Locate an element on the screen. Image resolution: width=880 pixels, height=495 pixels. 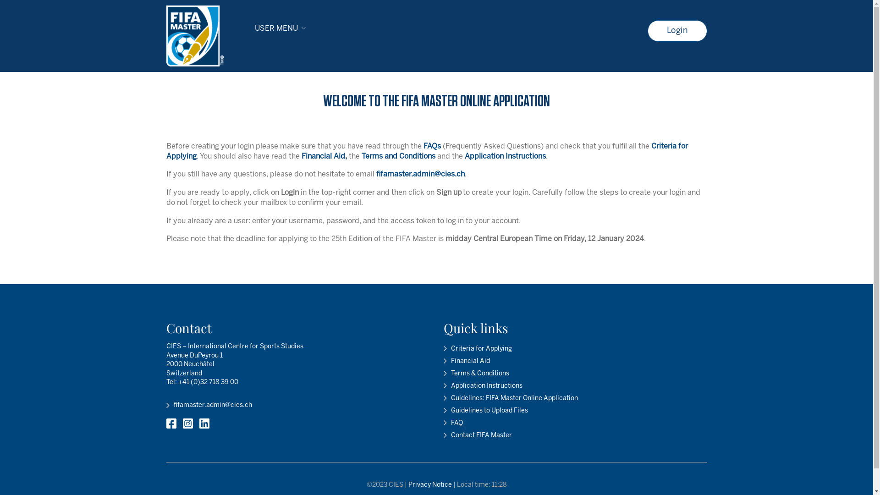
'Contact FIFA Master' is located at coordinates (444, 436).